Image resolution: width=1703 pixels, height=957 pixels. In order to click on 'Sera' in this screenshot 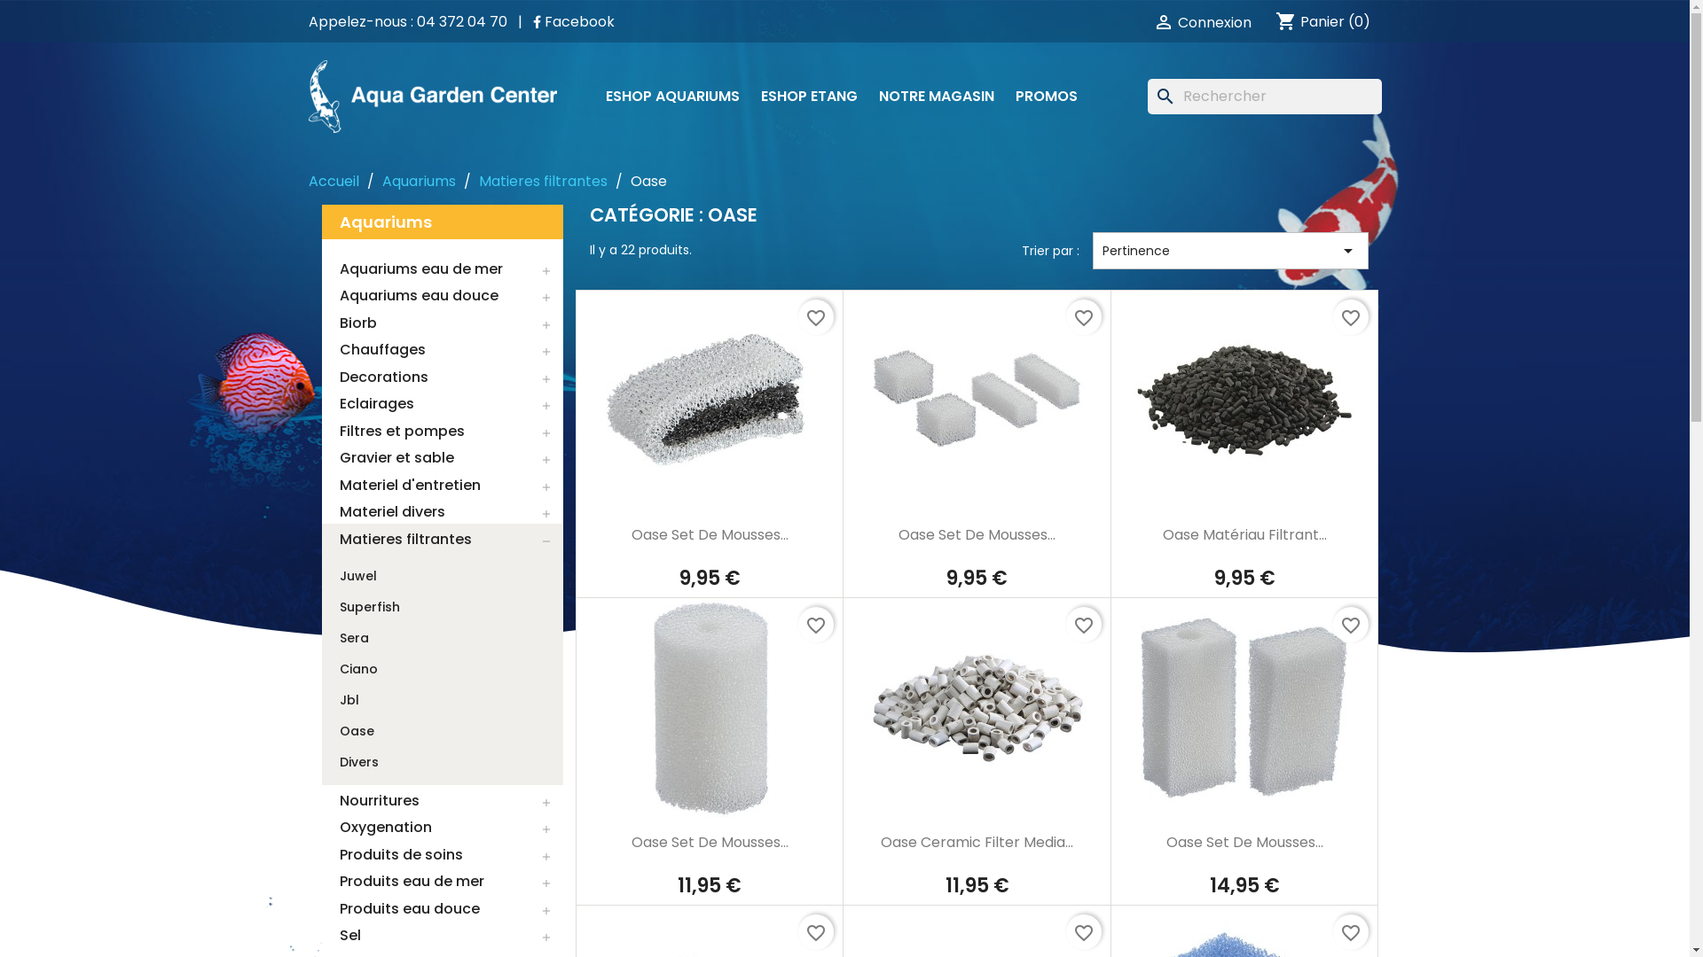, I will do `click(353, 638)`.